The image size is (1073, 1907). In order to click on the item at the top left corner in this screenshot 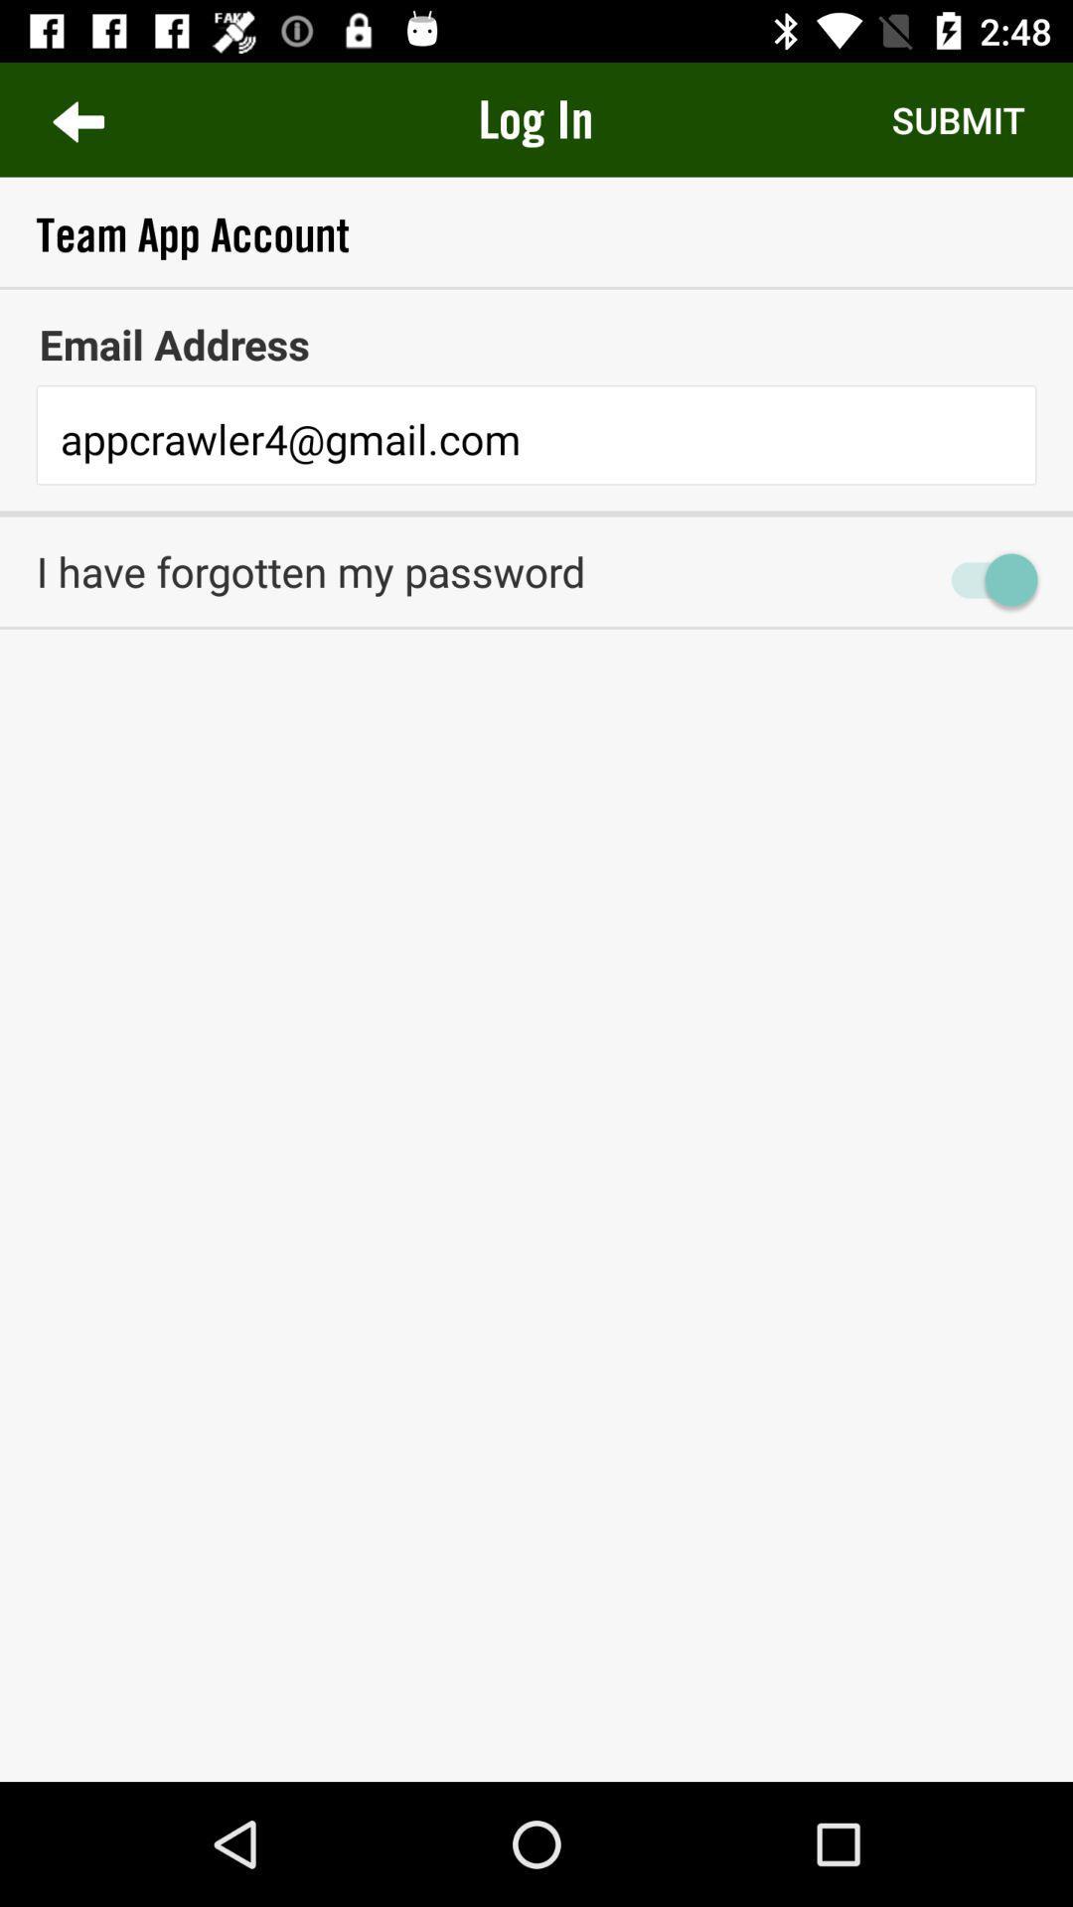, I will do `click(77, 118)`.